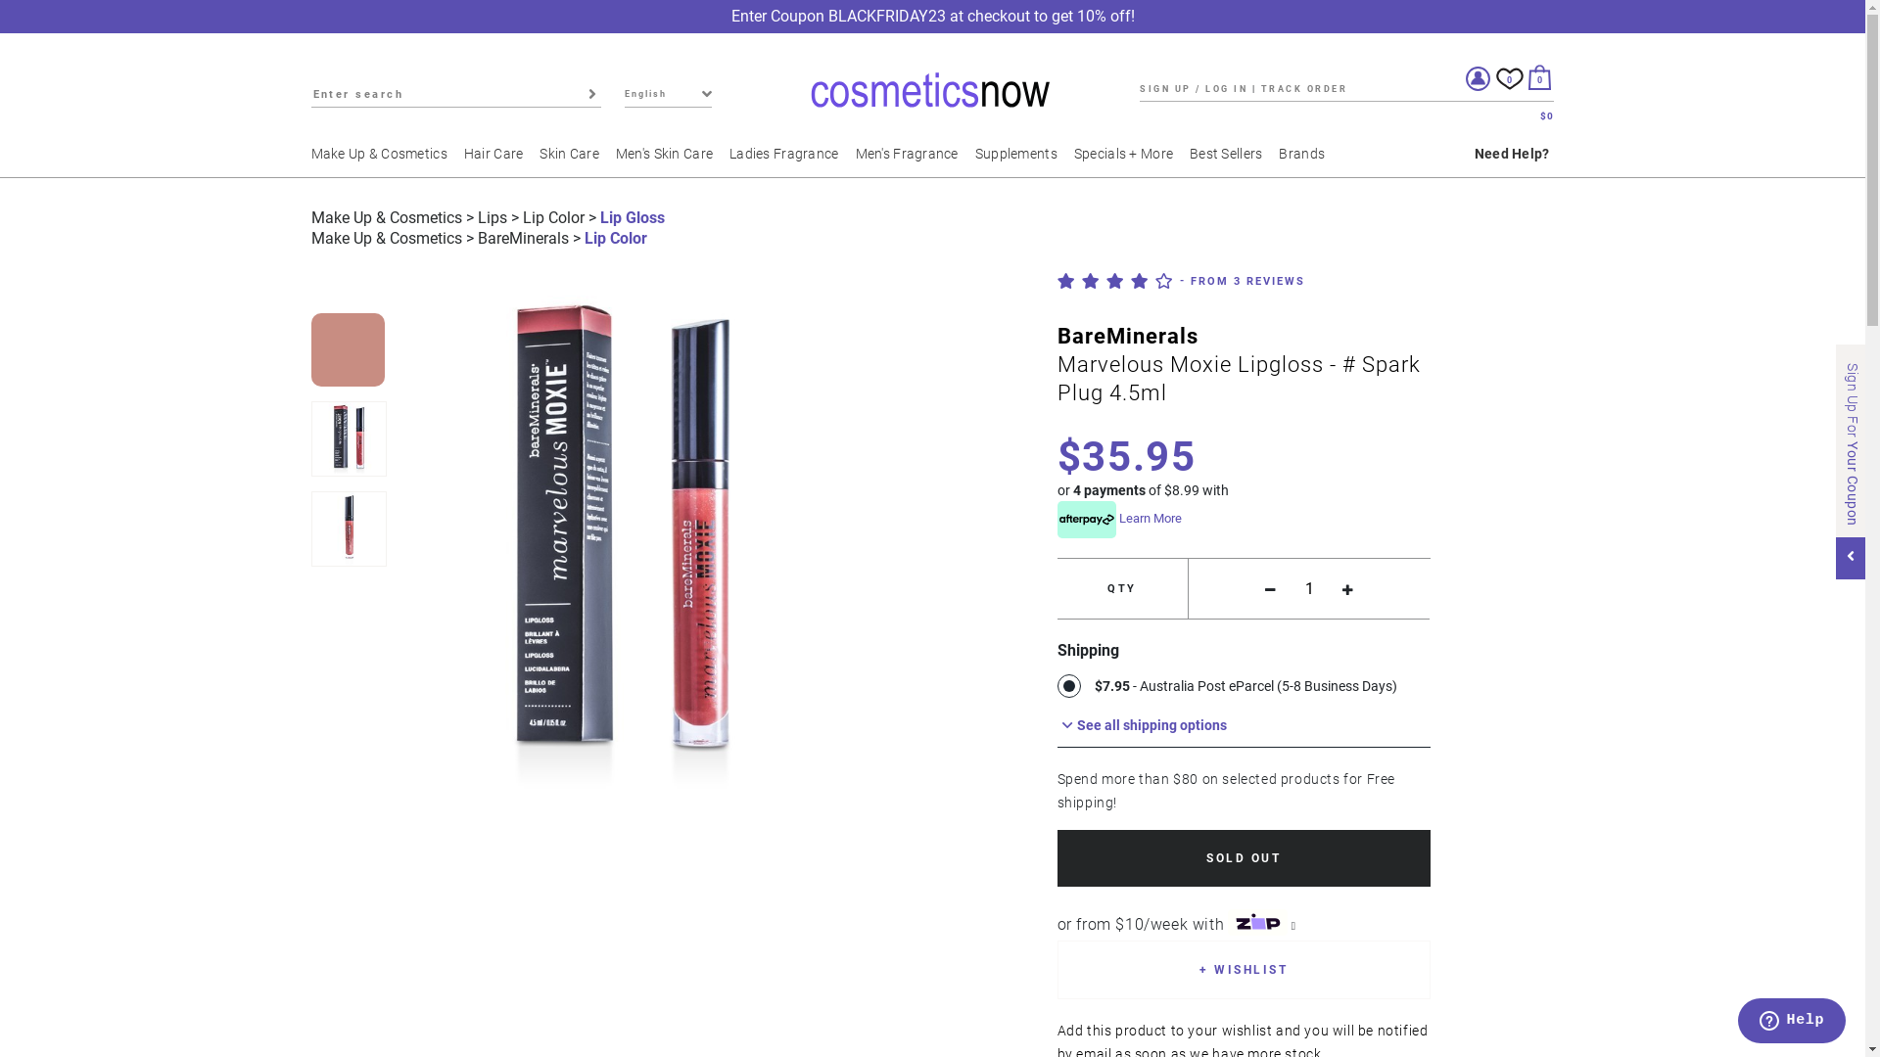 This screenshot has width=1880, height=1057. What do you see at coordinates (552, 217) in the screenshot?
I see `'Lip Color'` at bounding box center [552, 217].